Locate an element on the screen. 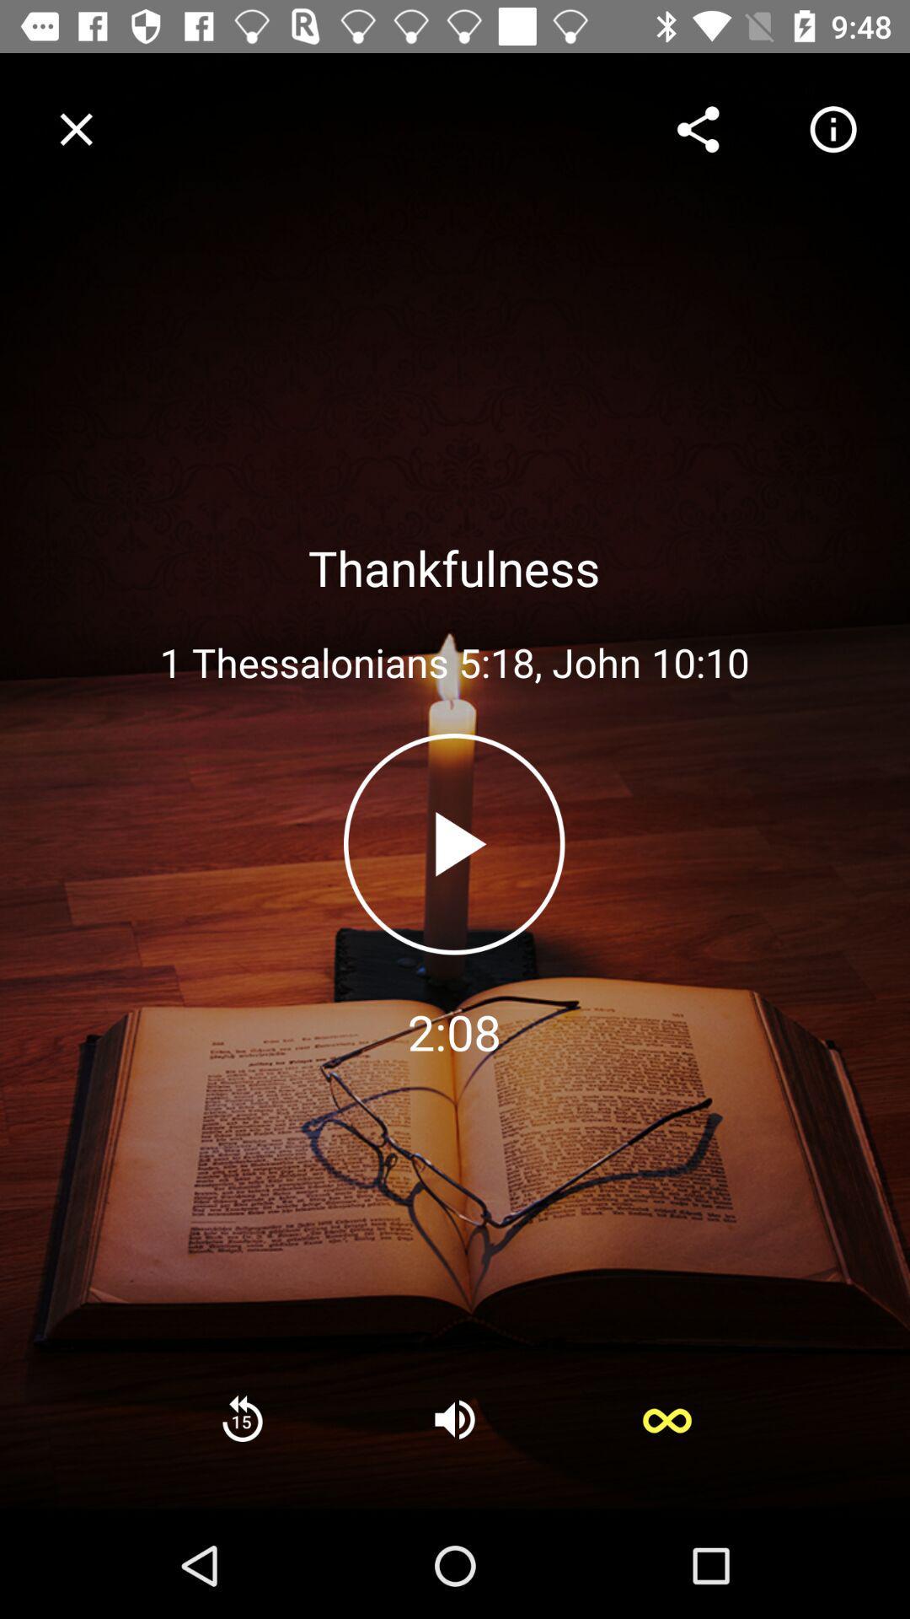  the av_rewind icon is located at coordinates (243, 1418).